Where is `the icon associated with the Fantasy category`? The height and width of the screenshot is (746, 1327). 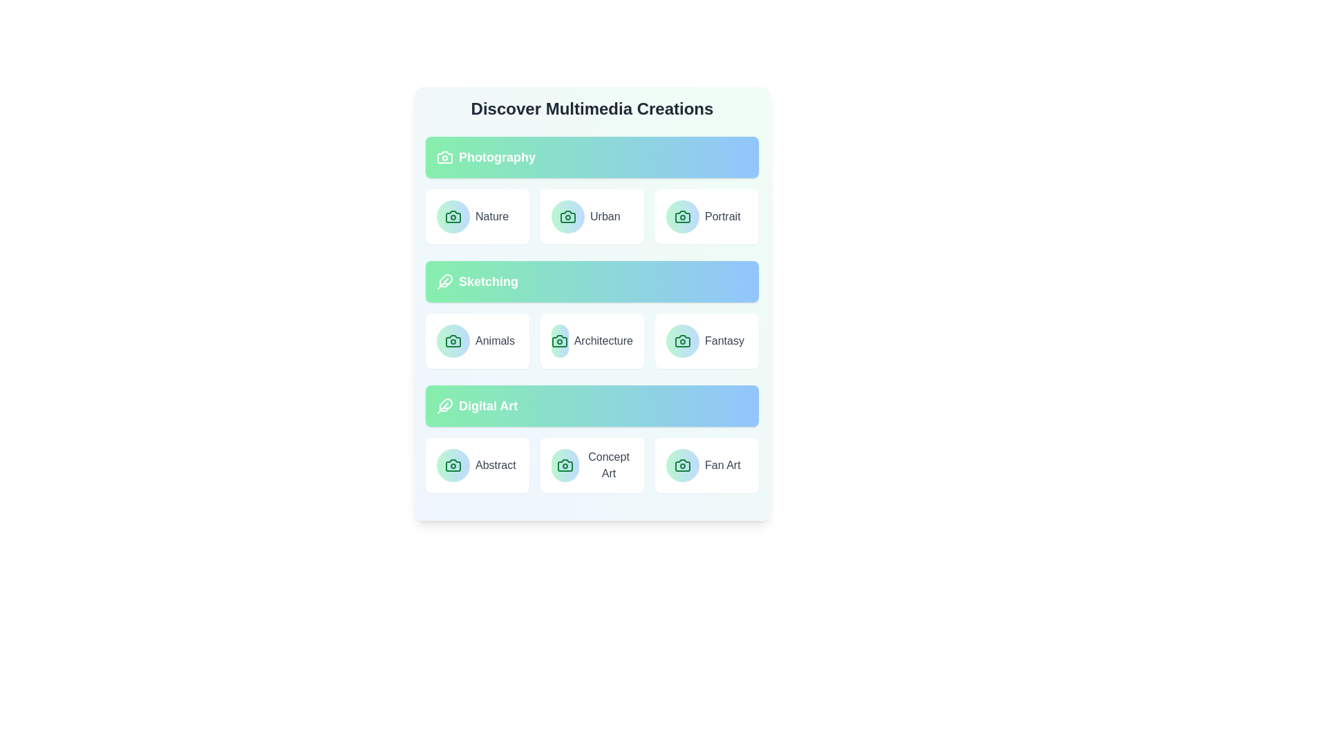 the icon associated with the Fantasy category is located at coordinates (683, 341).